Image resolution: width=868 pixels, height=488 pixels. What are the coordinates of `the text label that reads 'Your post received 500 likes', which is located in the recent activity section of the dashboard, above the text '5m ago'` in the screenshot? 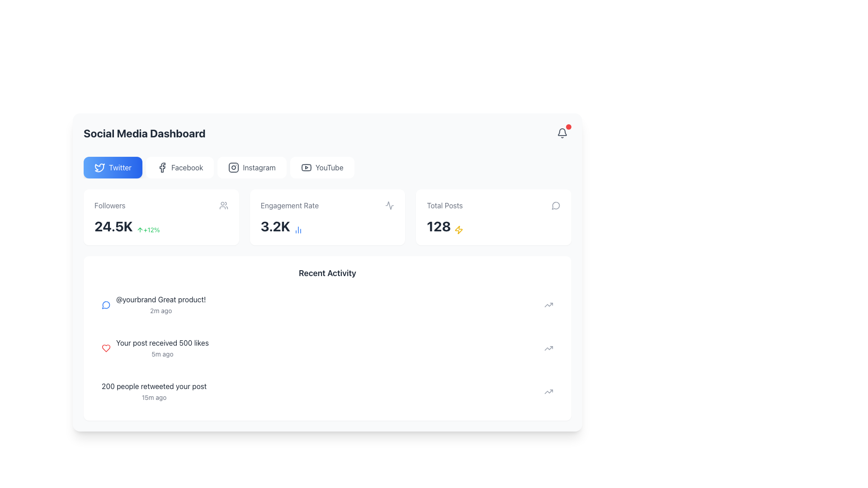 It's located at (162, 343).